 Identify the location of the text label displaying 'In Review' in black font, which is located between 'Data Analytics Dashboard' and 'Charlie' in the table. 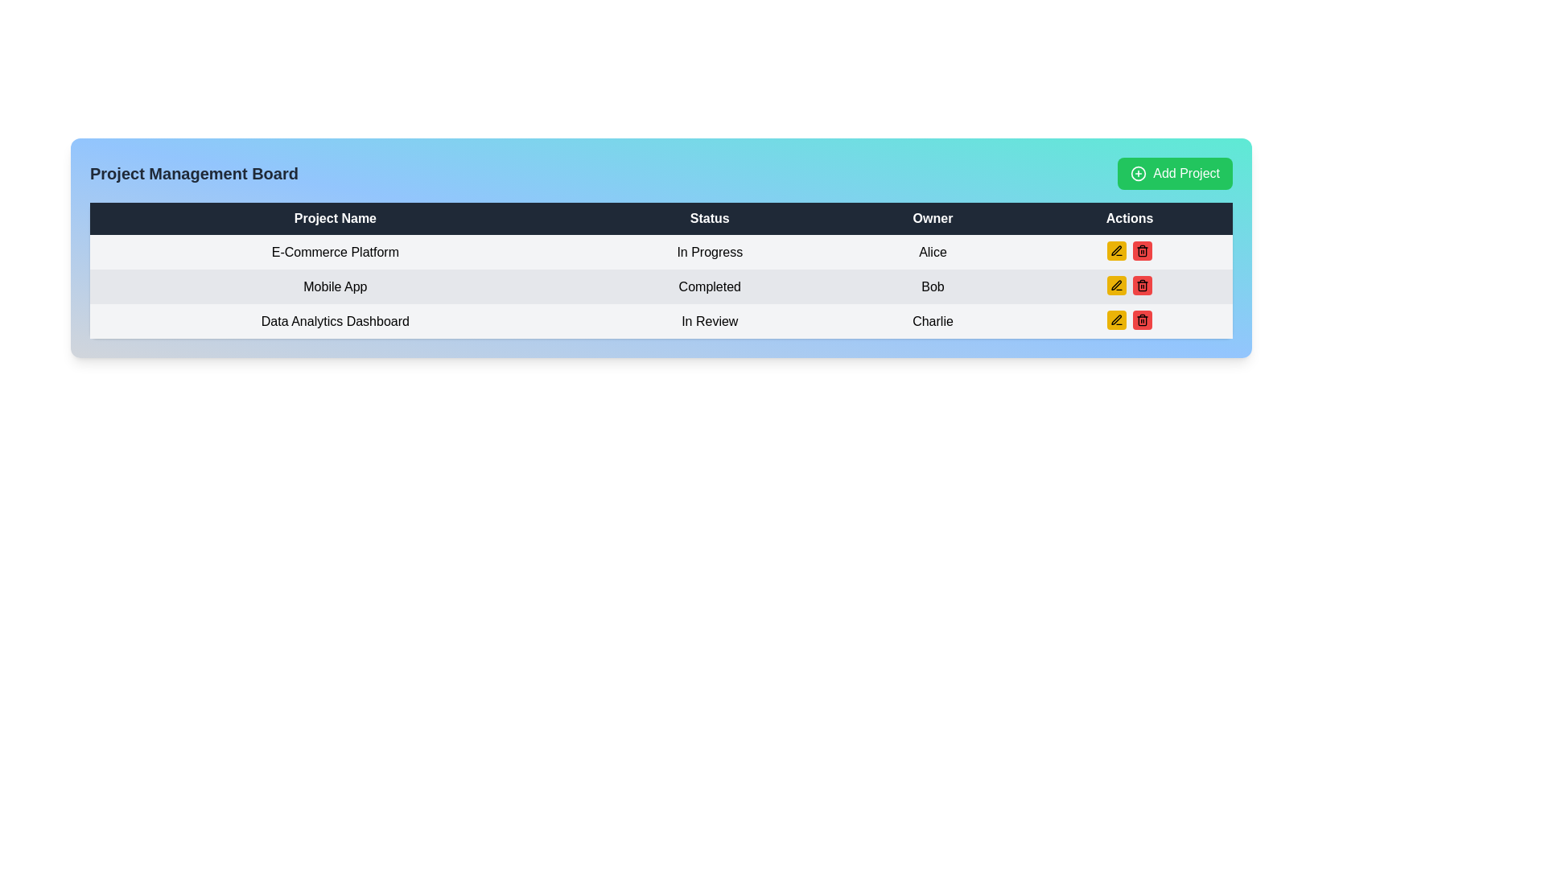
(709, 321).